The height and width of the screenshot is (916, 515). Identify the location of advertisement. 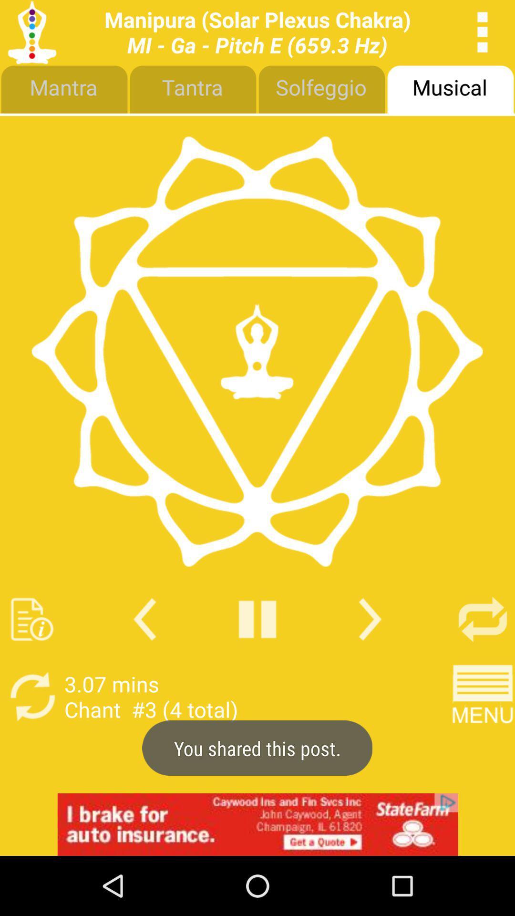
(257, 824).